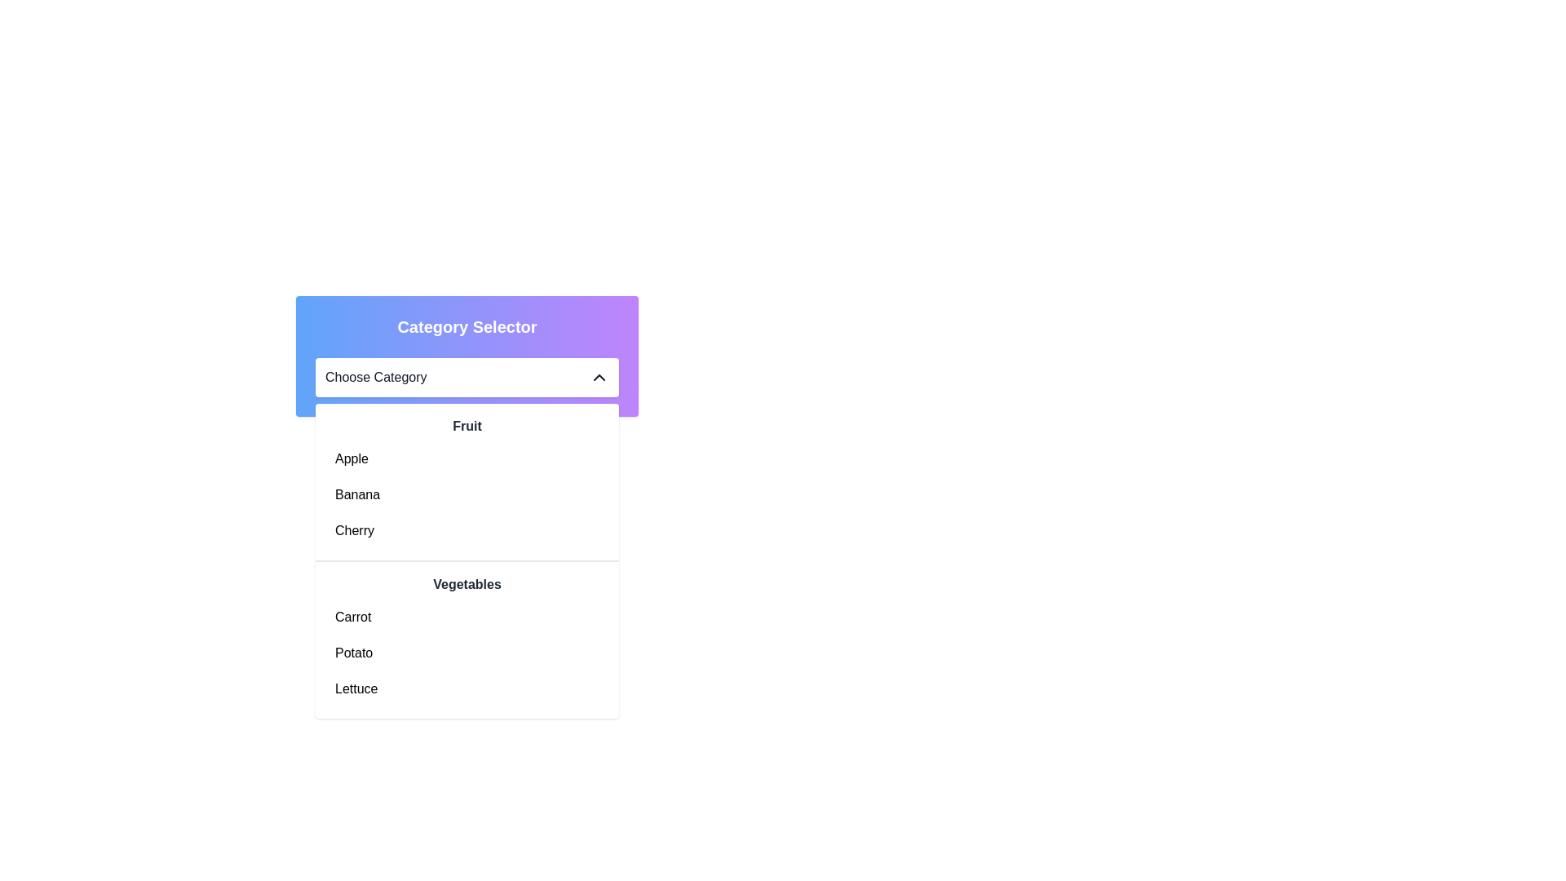 This screenshot has height=881, width=1566. I want to click on the selectable list item labeled 'Carrot' in the 'Vegetables' dropdown menu, so click(466, 617).